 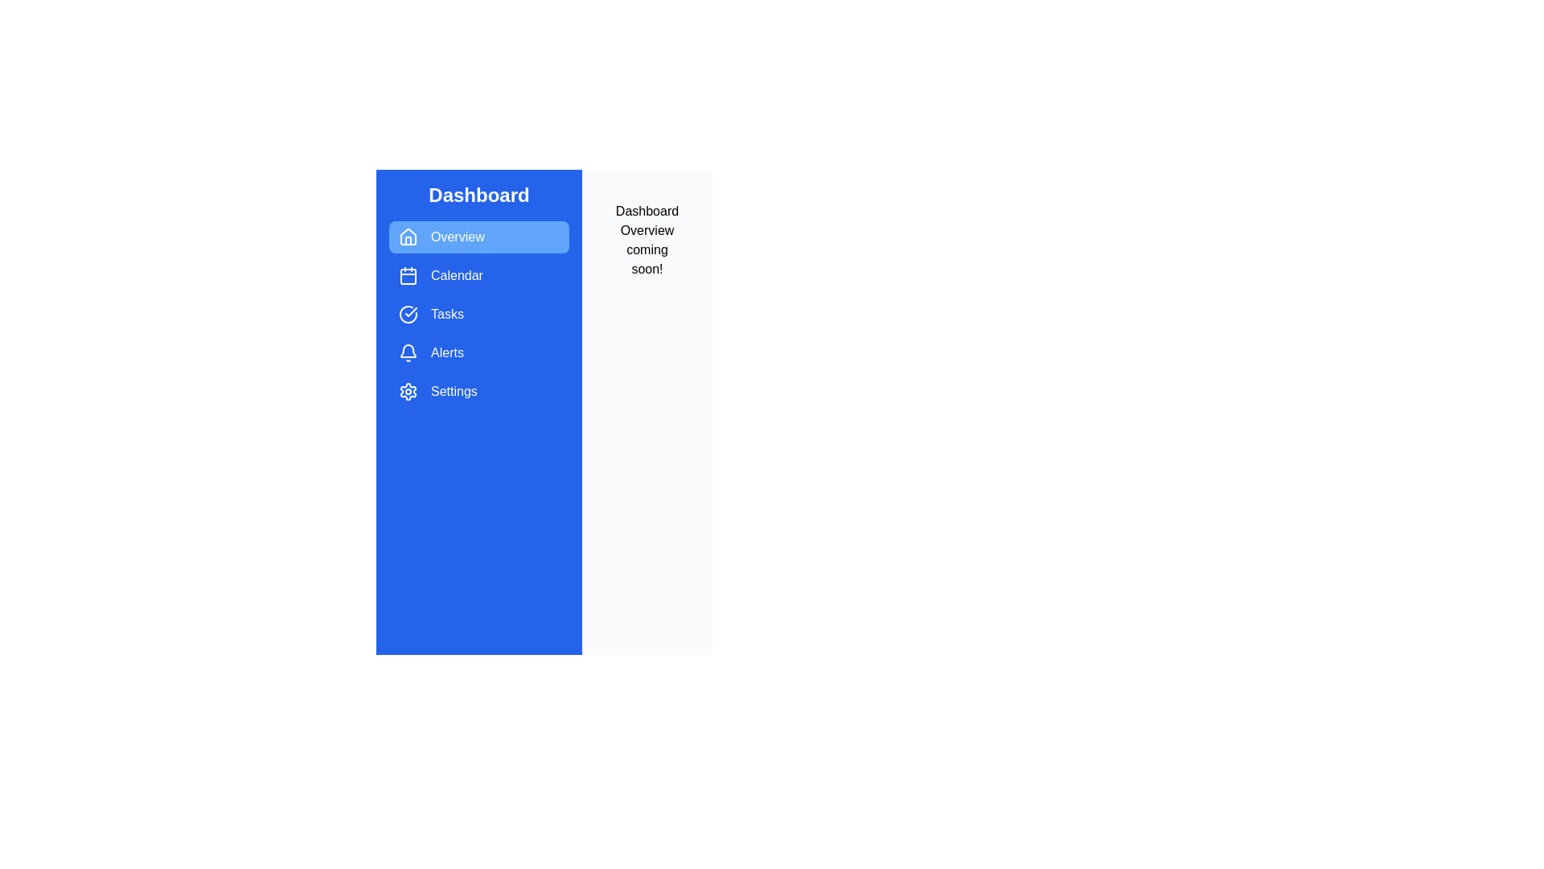 I want to click on the 'Calendar' text label, which is displayed in white on a blue background, located in the navigation menu between 'Overview' and 'Tasks', so click(x=456, y=275).